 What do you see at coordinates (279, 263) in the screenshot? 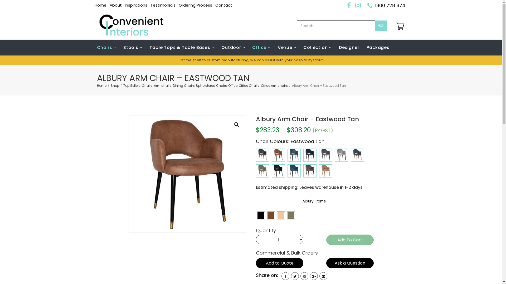
I see `'Add to Quote'` at bounding box center [279, 263].